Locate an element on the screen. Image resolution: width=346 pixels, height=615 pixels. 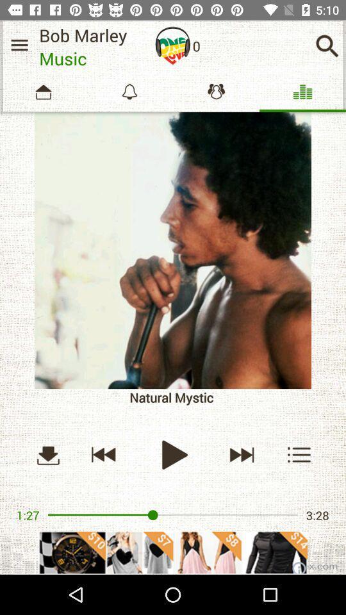
click for options is located at coordinates (299, 454).